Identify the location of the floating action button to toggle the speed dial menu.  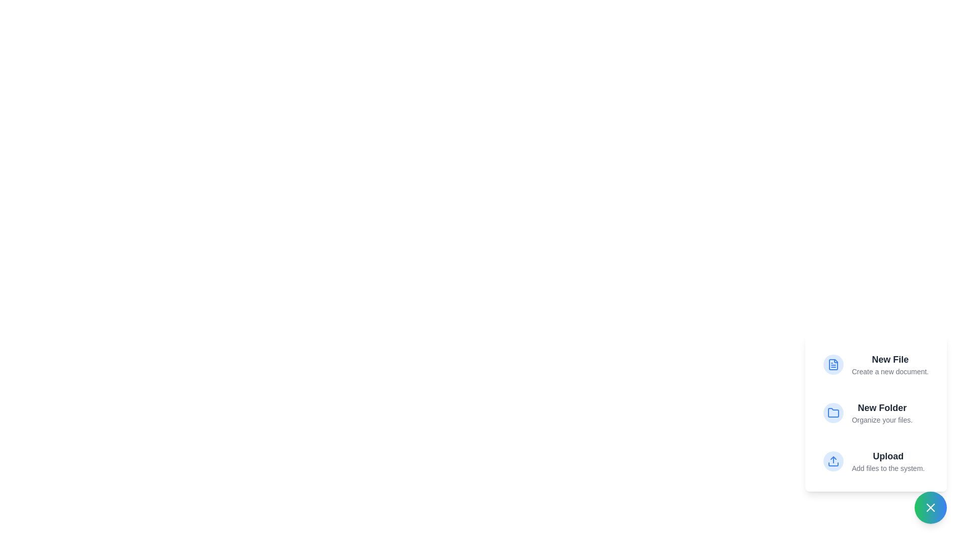
(930, 507).